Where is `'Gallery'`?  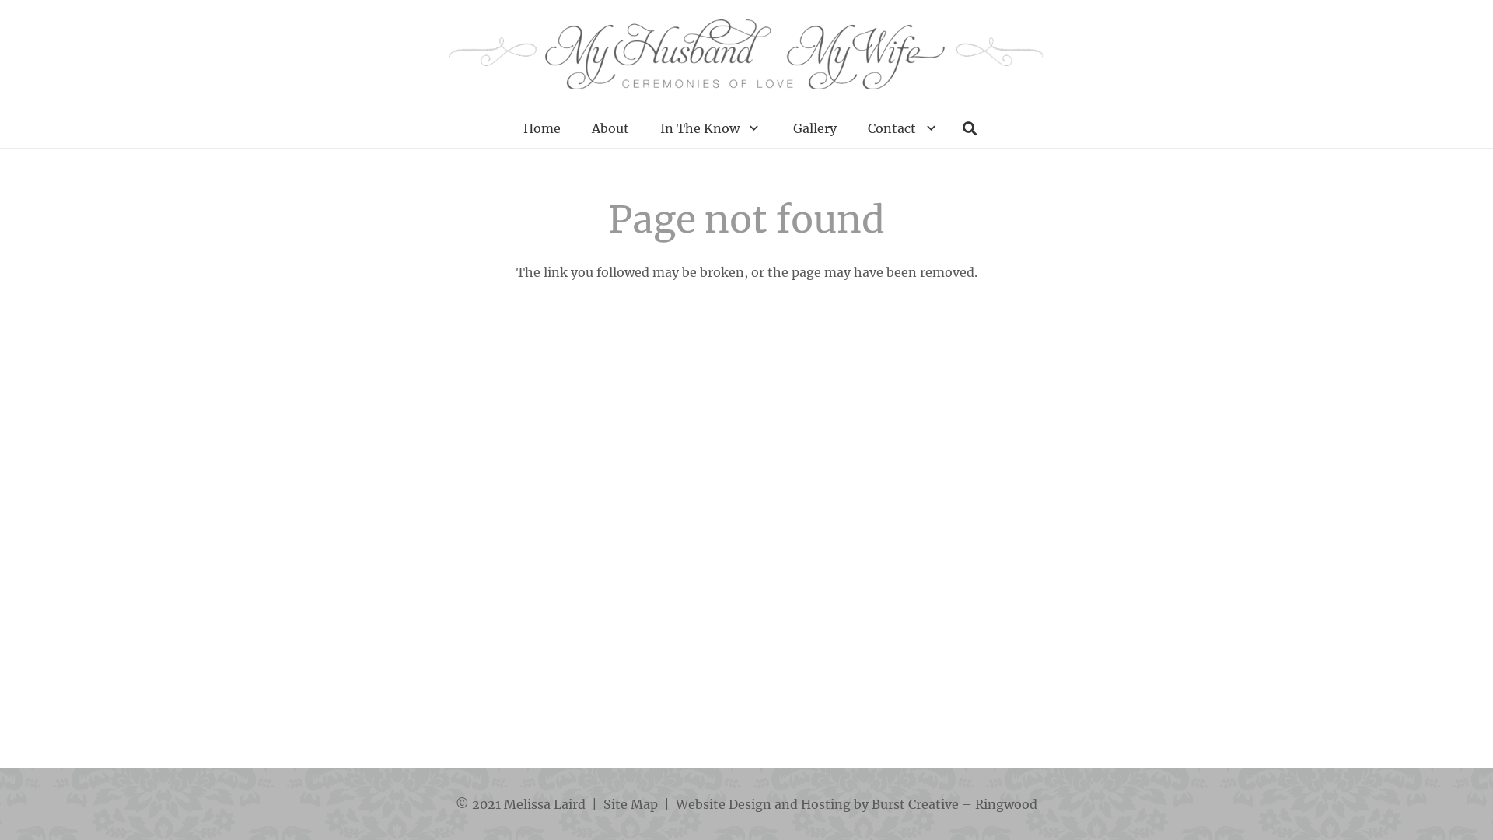 'Gallery' is located at coordinates (813, 128).